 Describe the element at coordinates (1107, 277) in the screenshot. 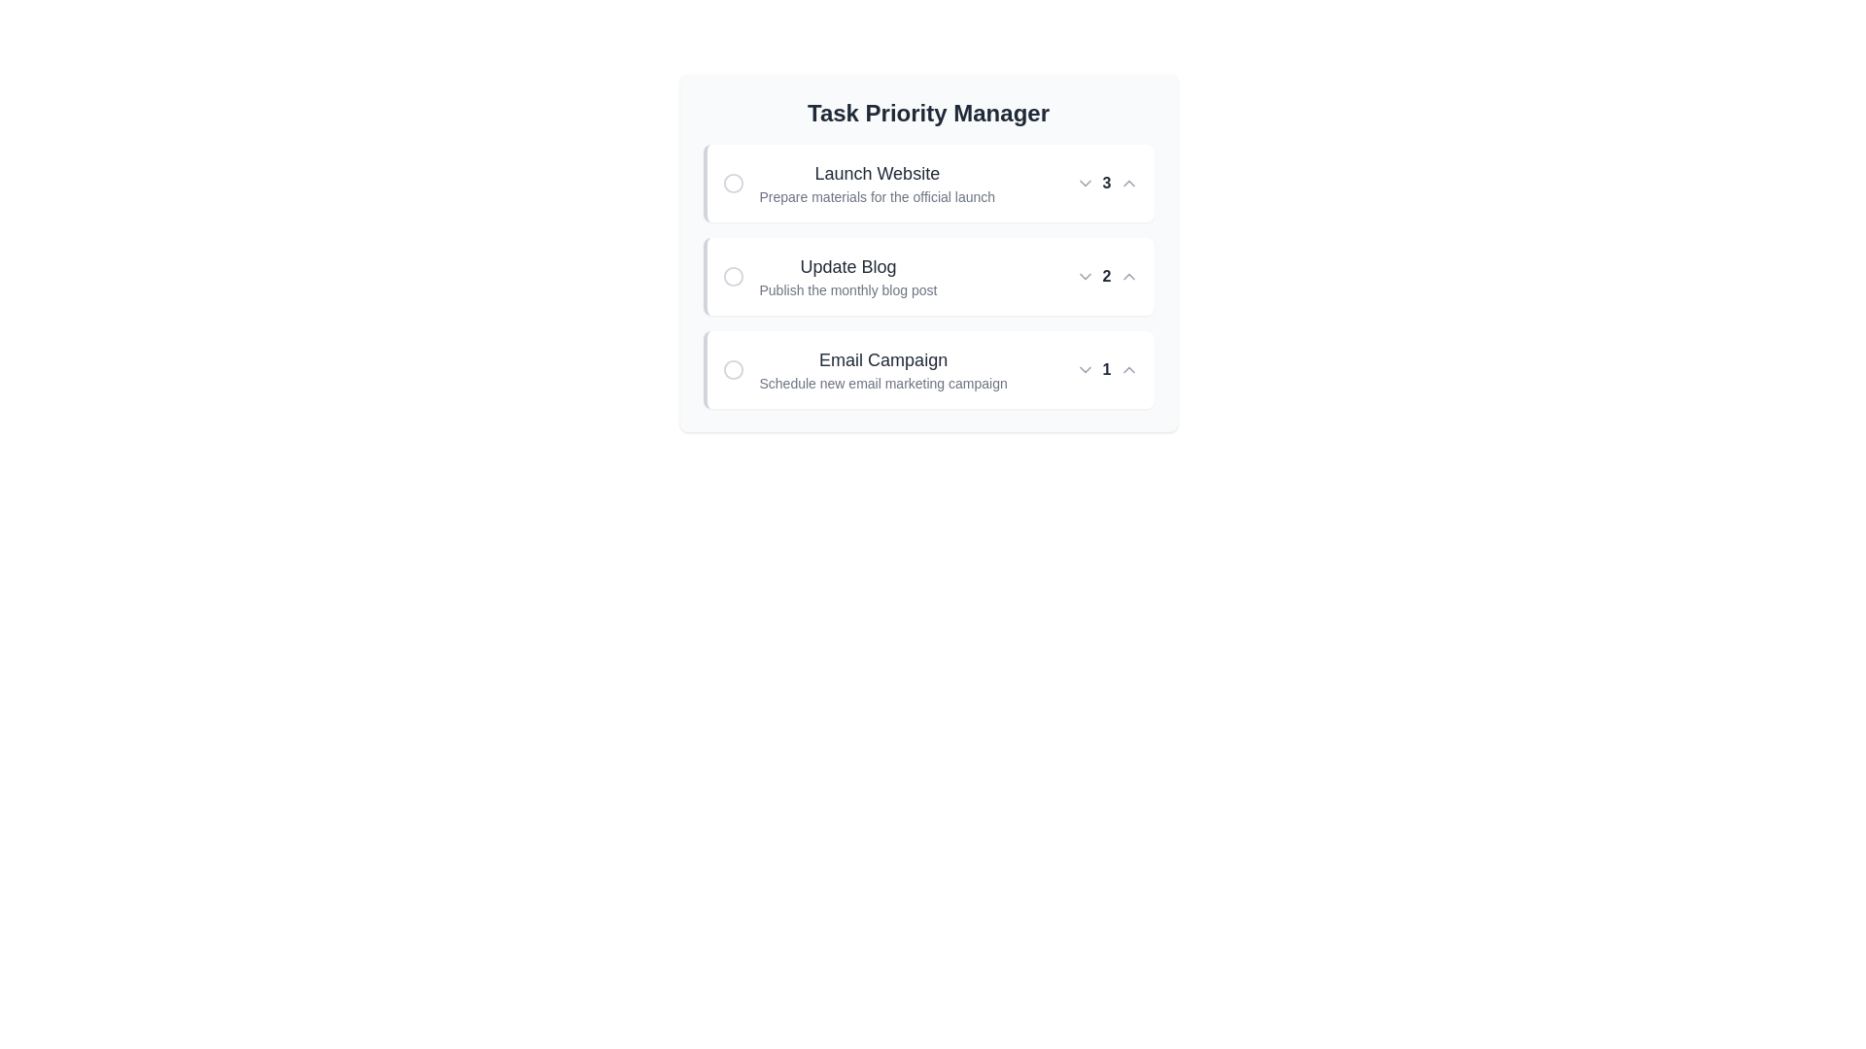

I see `the numerical label displaying '2' in bold text, which is centrally located between the up and down arrow icons for modifying the task's priority within the 'Update Blog' task card` at that location.